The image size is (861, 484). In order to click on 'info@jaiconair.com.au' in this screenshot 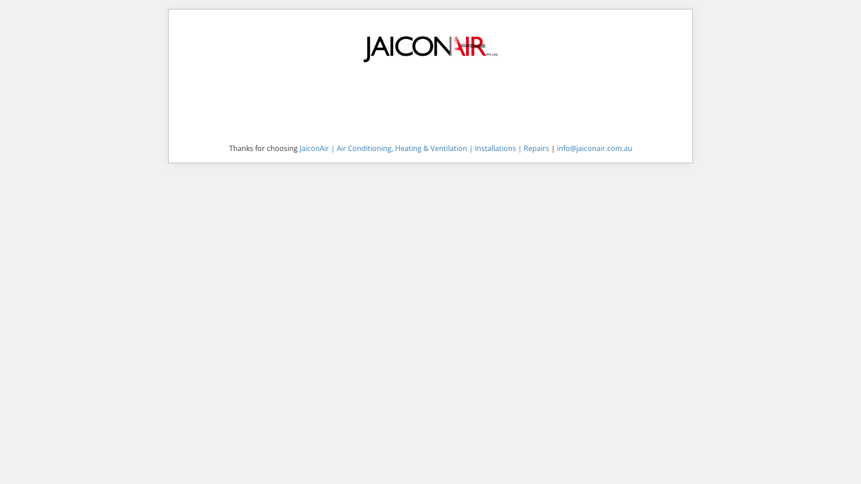, I will do `click(594, 148)`.